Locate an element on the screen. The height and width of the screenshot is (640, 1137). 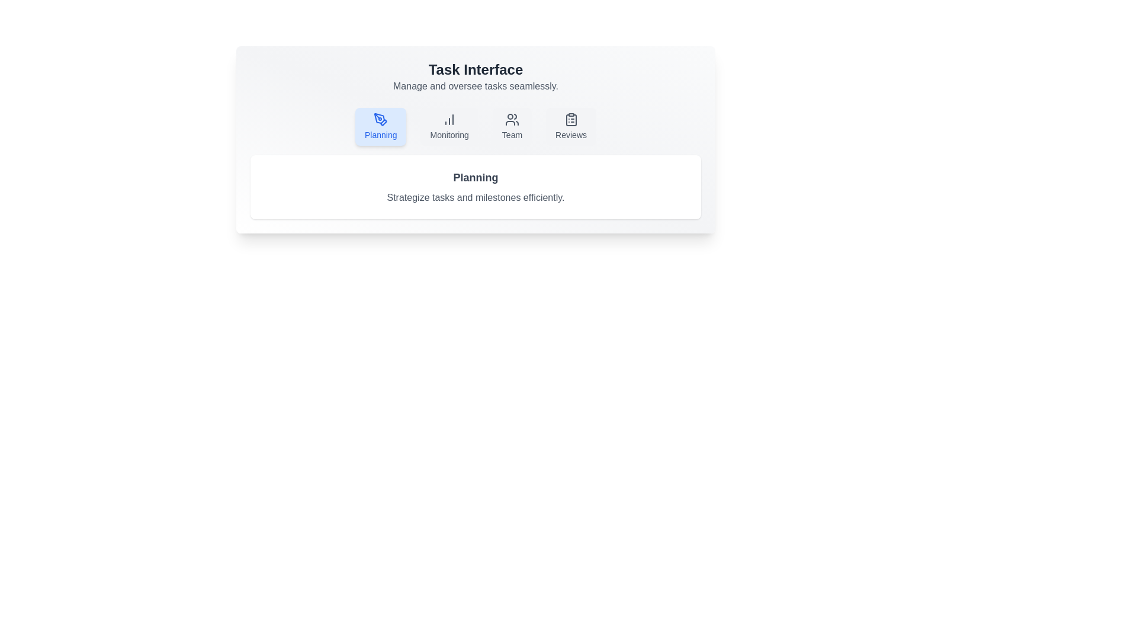
the tab labeled Monitoring to see the UI feedback is located at coordinates (449, 126).